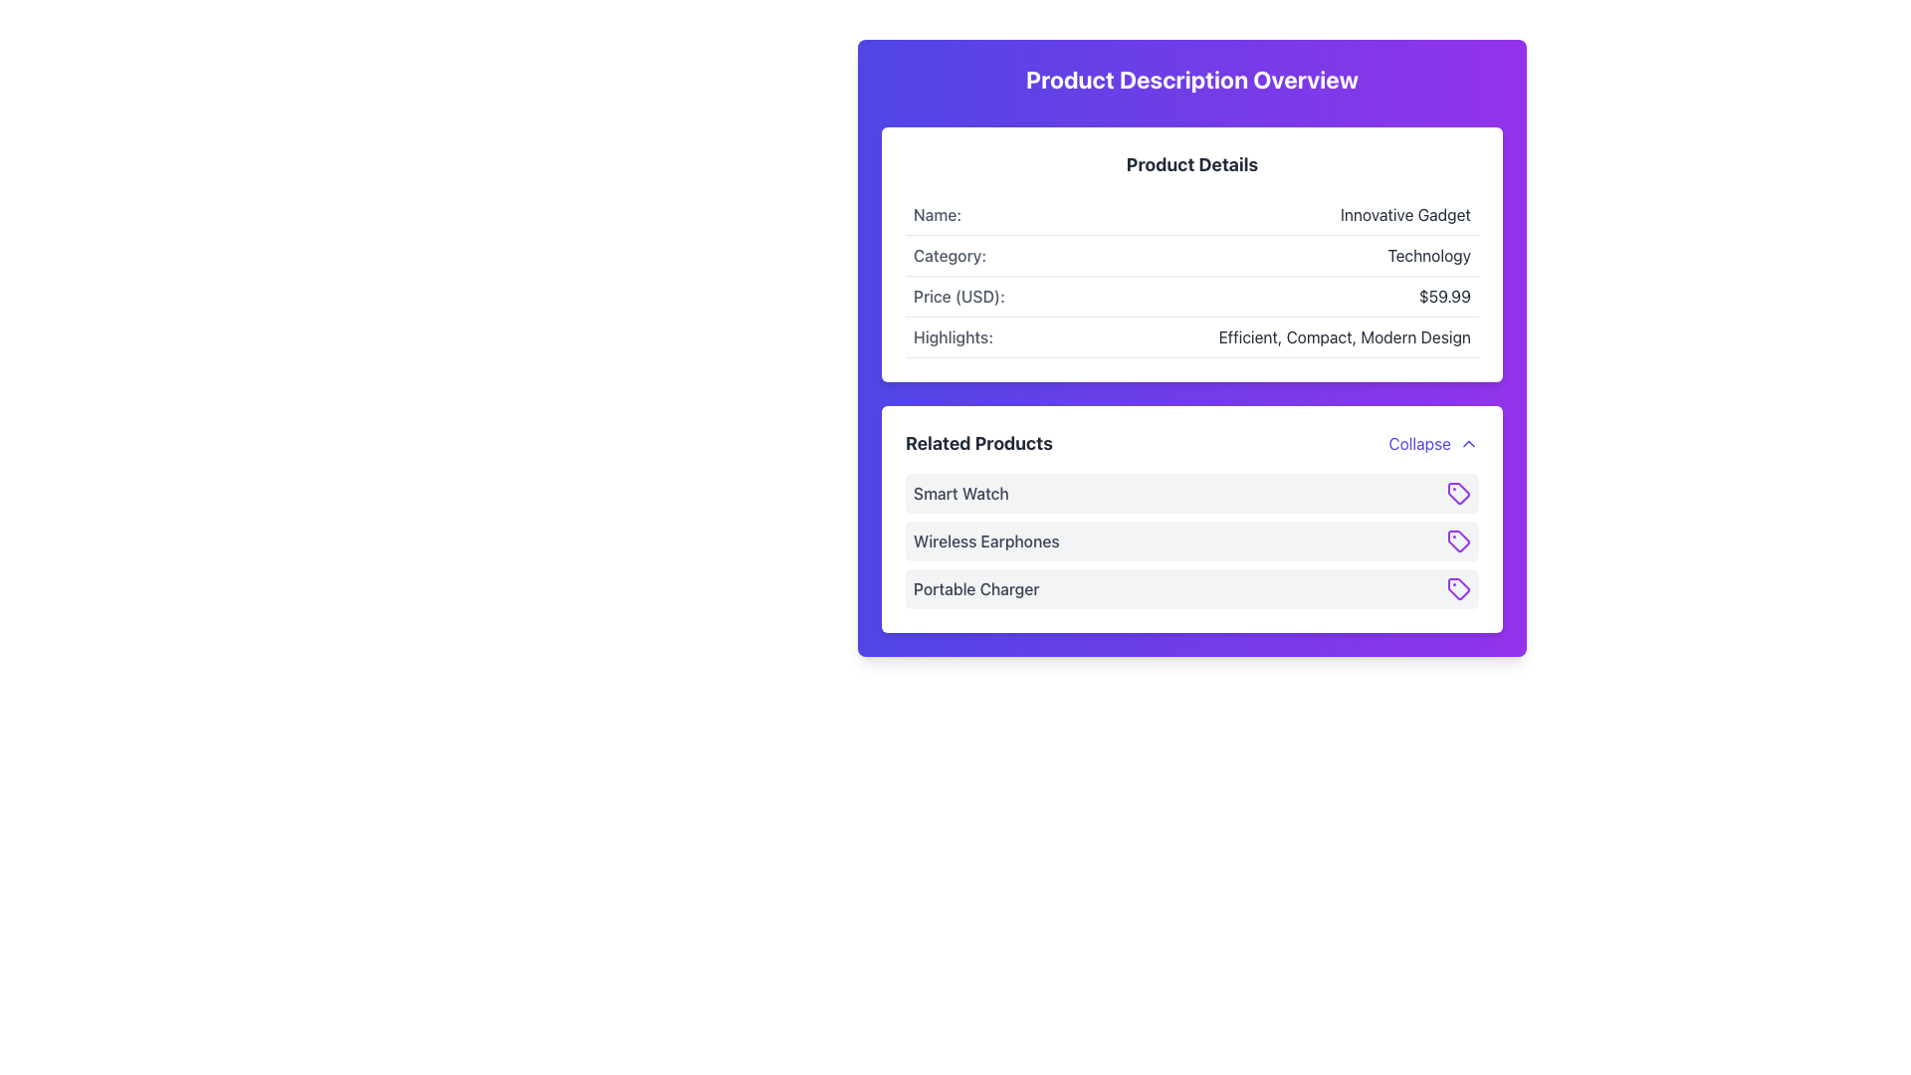 The width and height of the screenshot is (1911, 1075). I want to click on the Text Header element displaying 'Product Description Overview', which is bold and centered, located above the 'Product Details' section, so click(1192, 79).